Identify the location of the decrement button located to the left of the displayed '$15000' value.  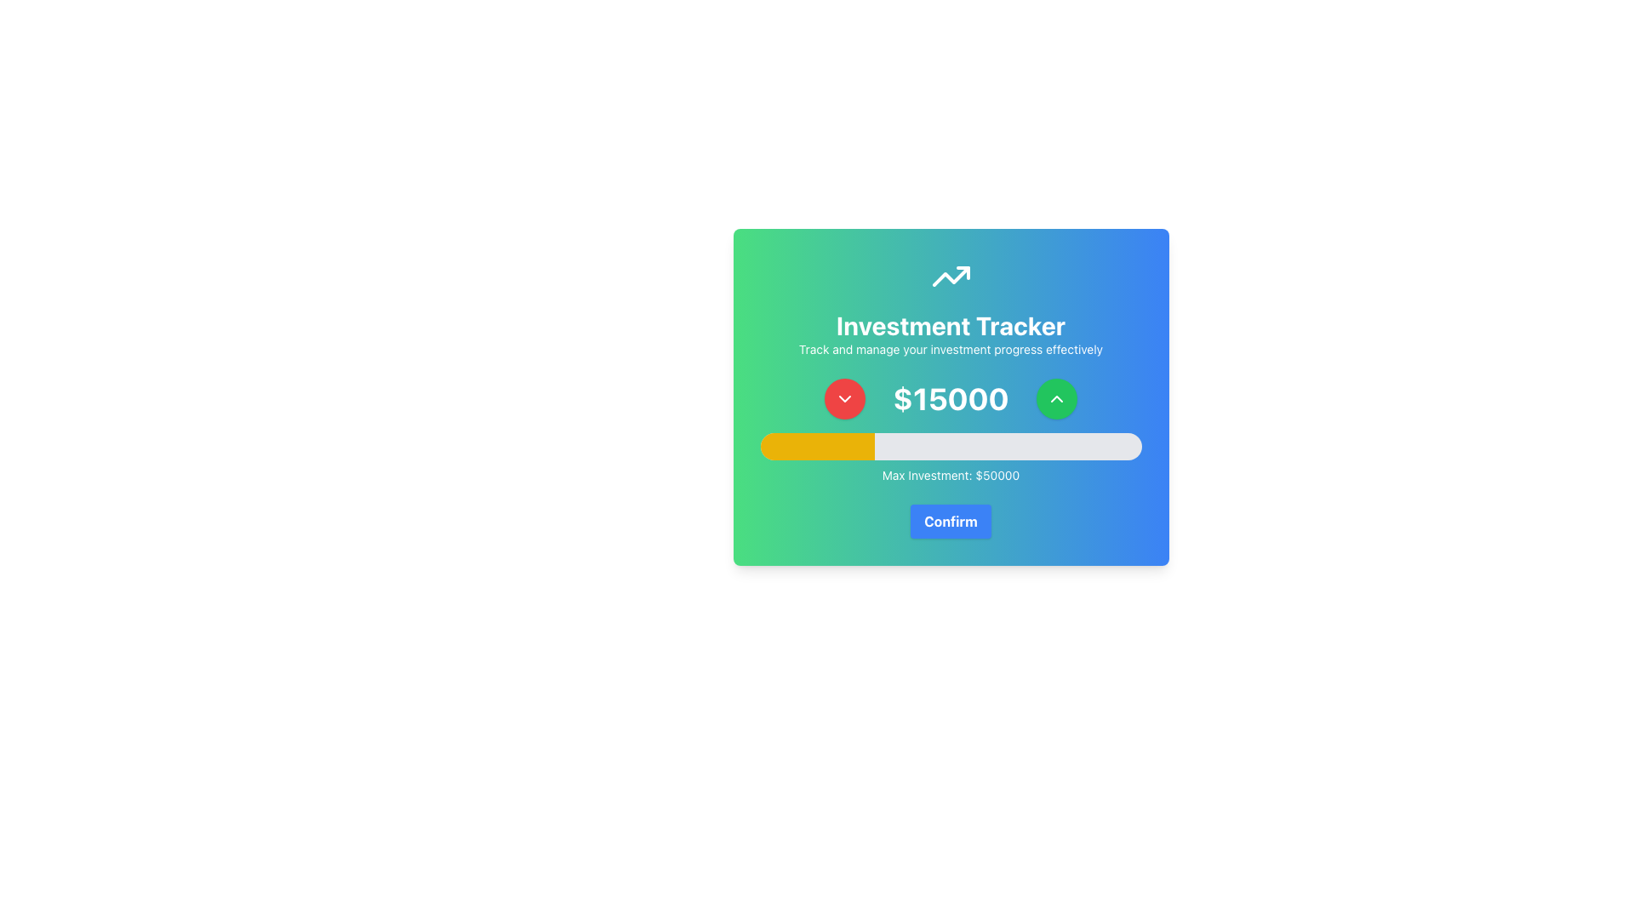
(845, 399).